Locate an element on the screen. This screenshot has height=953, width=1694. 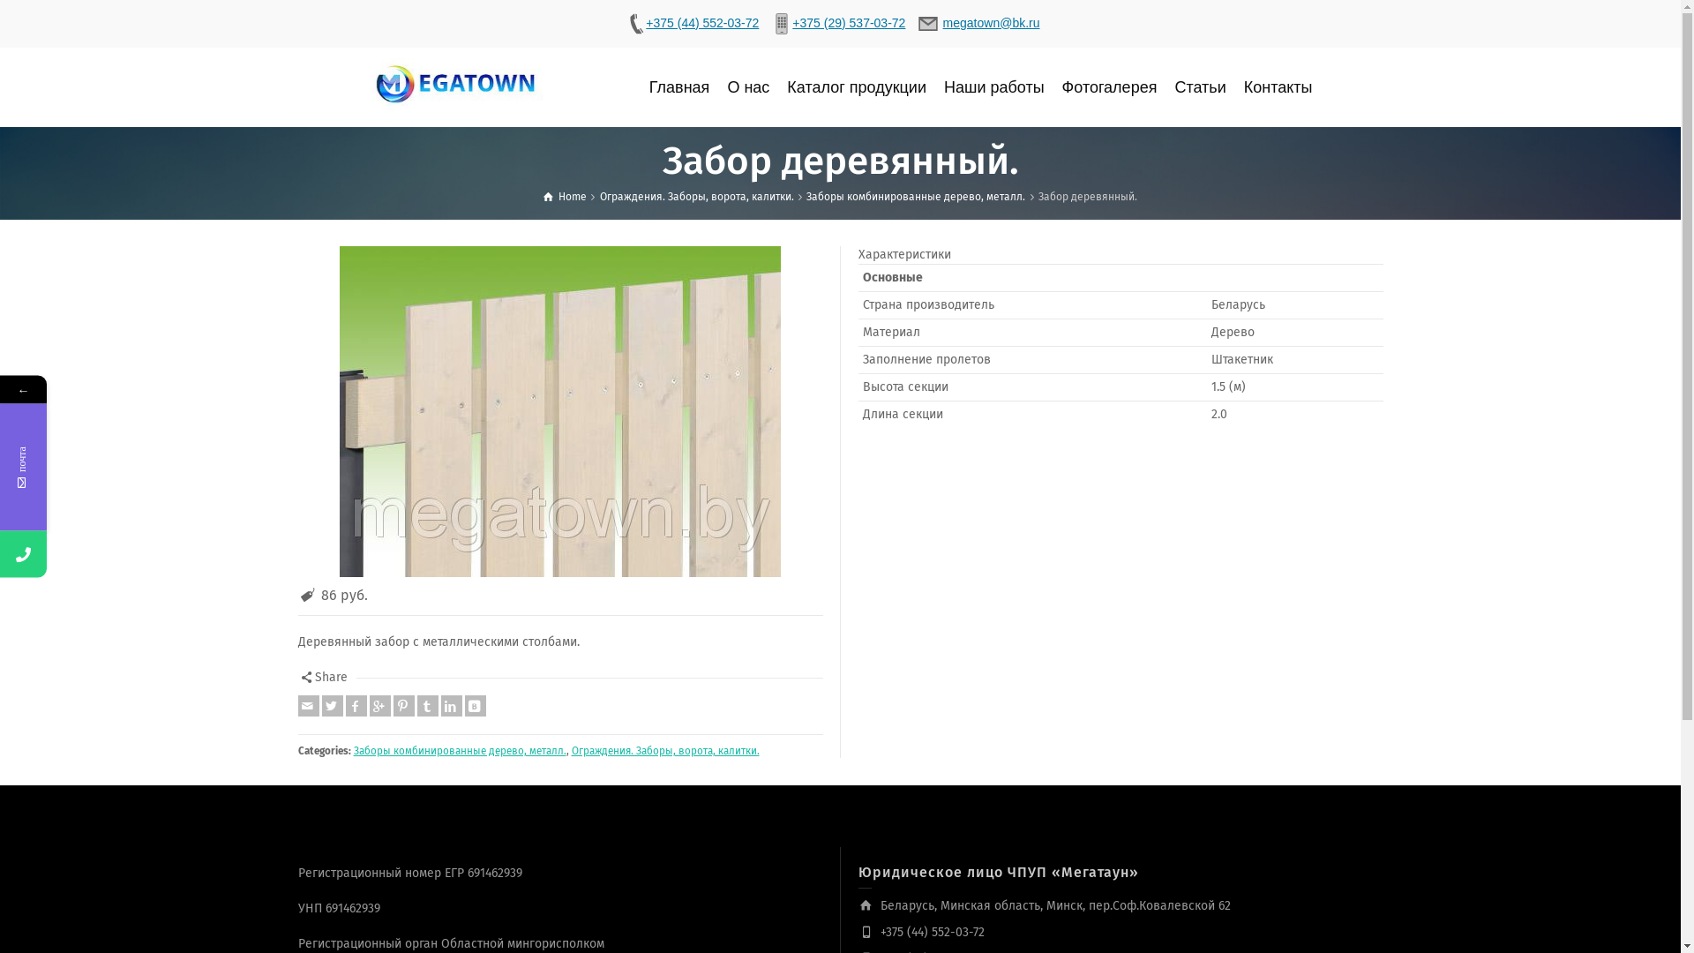
'Search' is located at coordinates (1364, 87).